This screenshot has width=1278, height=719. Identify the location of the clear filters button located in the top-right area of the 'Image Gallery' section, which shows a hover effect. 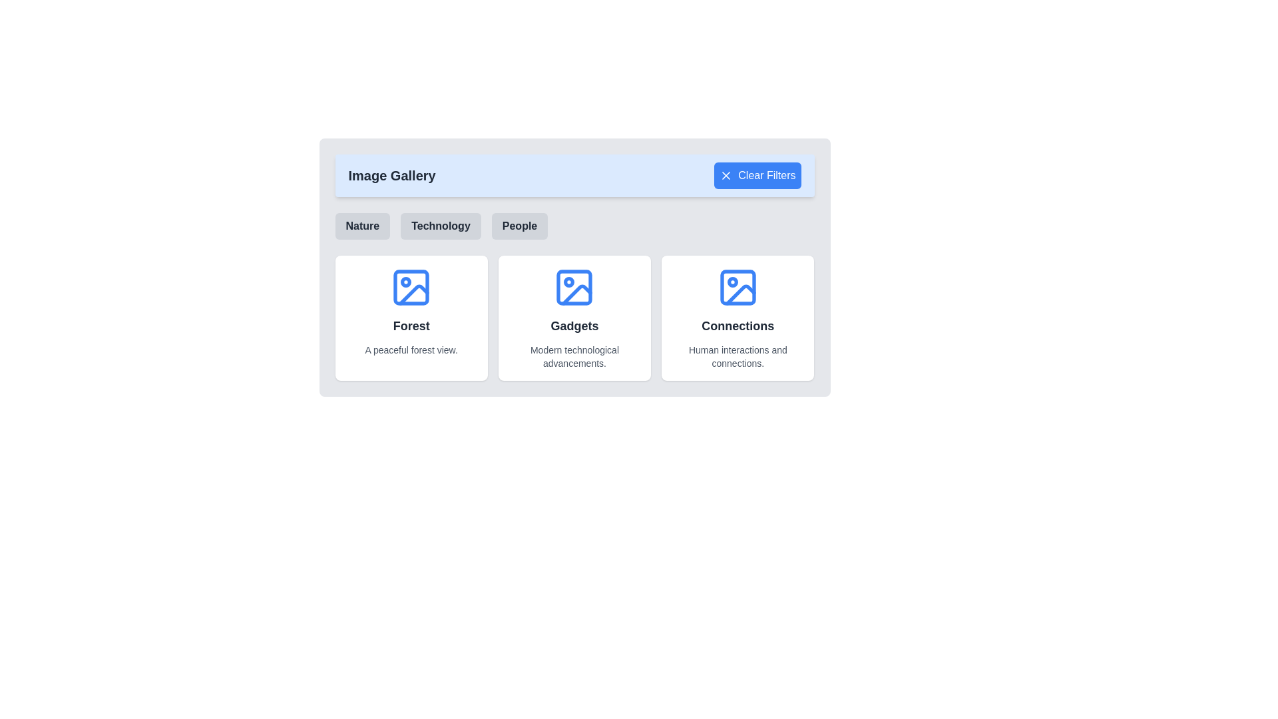
(757, 174).